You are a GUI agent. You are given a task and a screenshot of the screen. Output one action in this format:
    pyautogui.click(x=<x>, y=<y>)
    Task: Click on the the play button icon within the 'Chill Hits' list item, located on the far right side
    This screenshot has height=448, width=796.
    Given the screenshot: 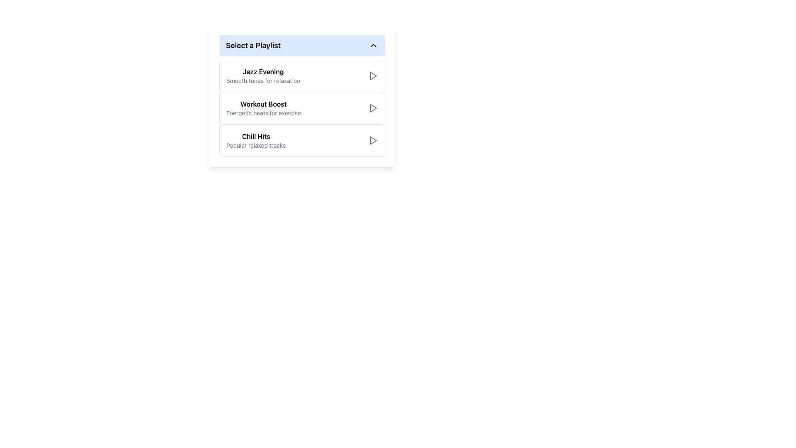 What is the action you would take?
    pyautogui.click(x=373, y=140)
    